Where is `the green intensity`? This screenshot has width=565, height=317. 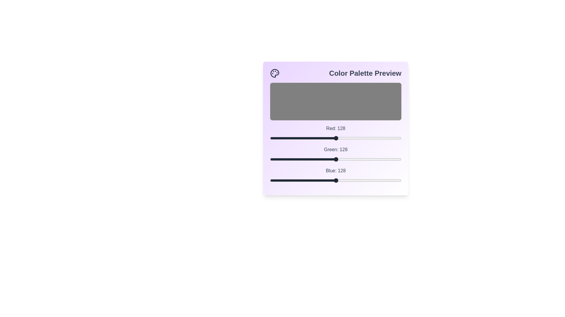
the green intensity is located at coordinates (334, 159).